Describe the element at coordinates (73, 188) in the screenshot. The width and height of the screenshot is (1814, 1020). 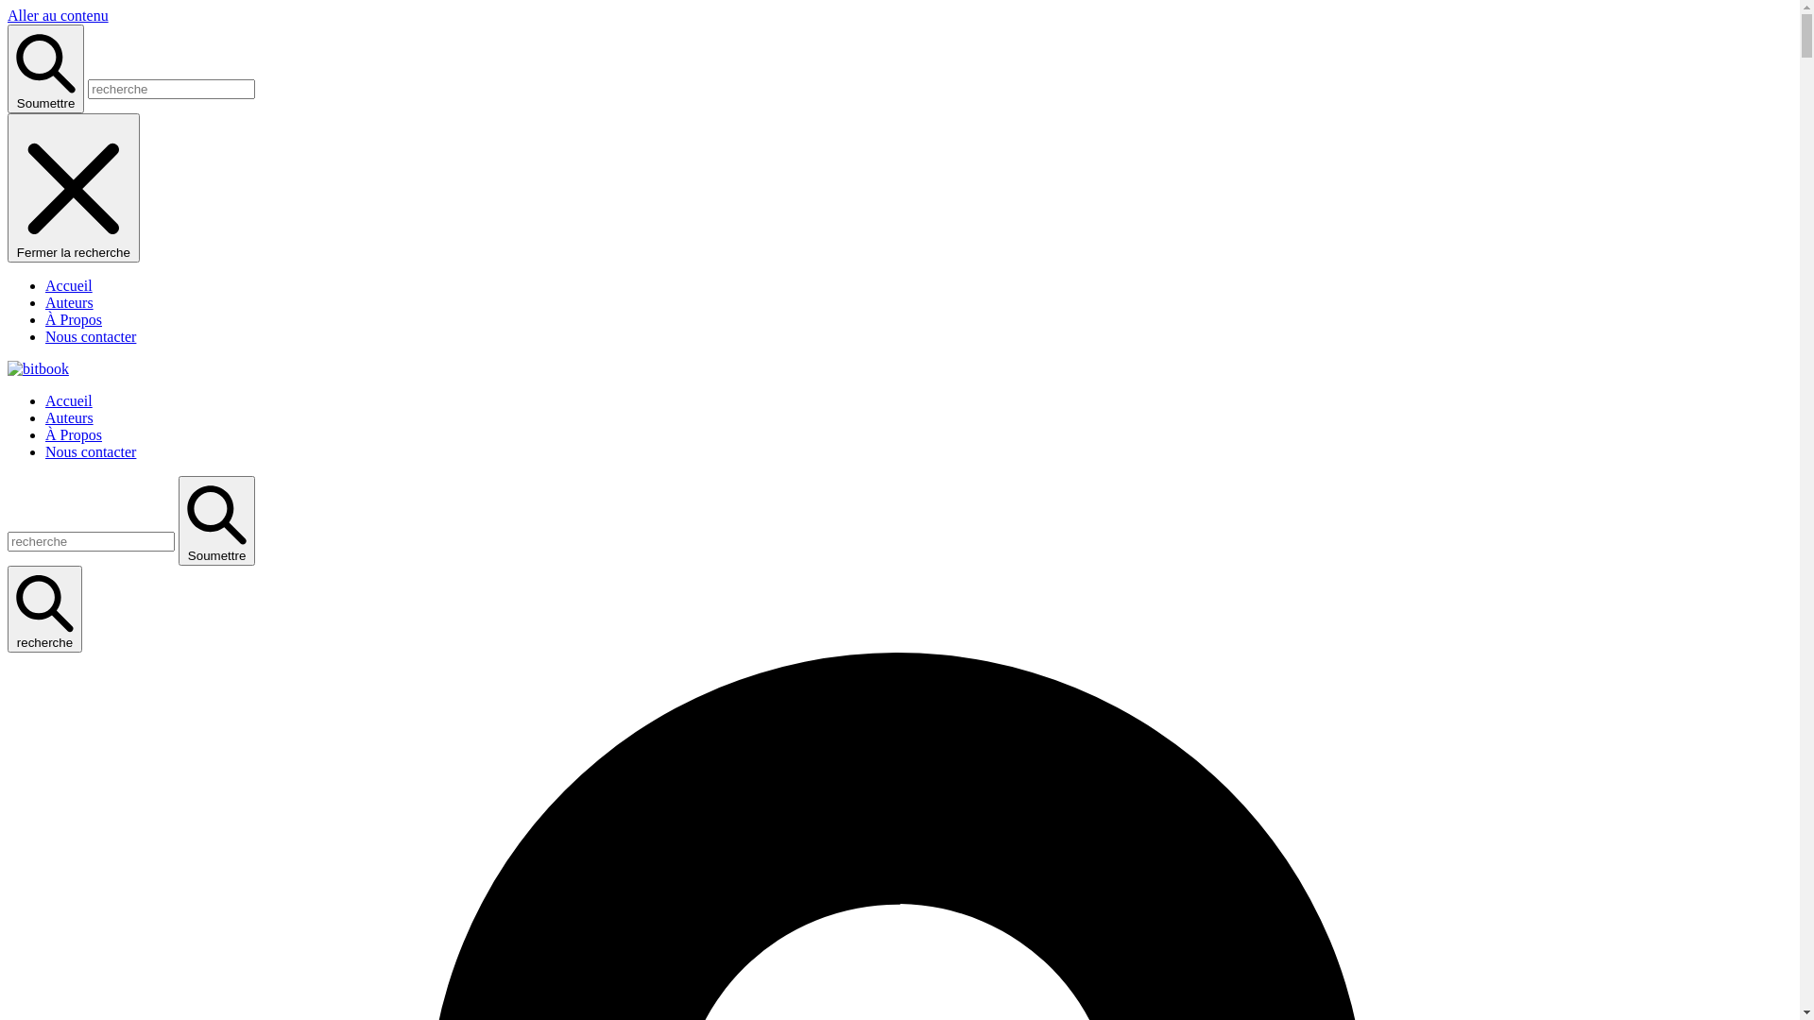
I see `'Fermer la recherche'` at that location.